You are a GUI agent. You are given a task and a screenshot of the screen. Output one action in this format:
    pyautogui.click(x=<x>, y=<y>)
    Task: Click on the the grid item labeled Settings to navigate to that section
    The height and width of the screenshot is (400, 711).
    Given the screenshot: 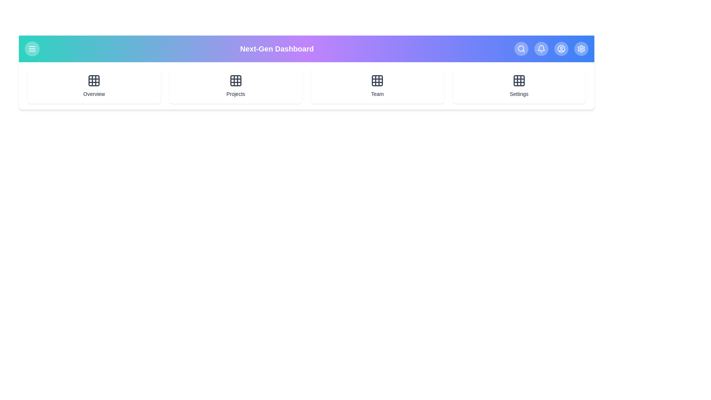 What is the action you would take?
    pyautogui.click(x=518, y=85)
    